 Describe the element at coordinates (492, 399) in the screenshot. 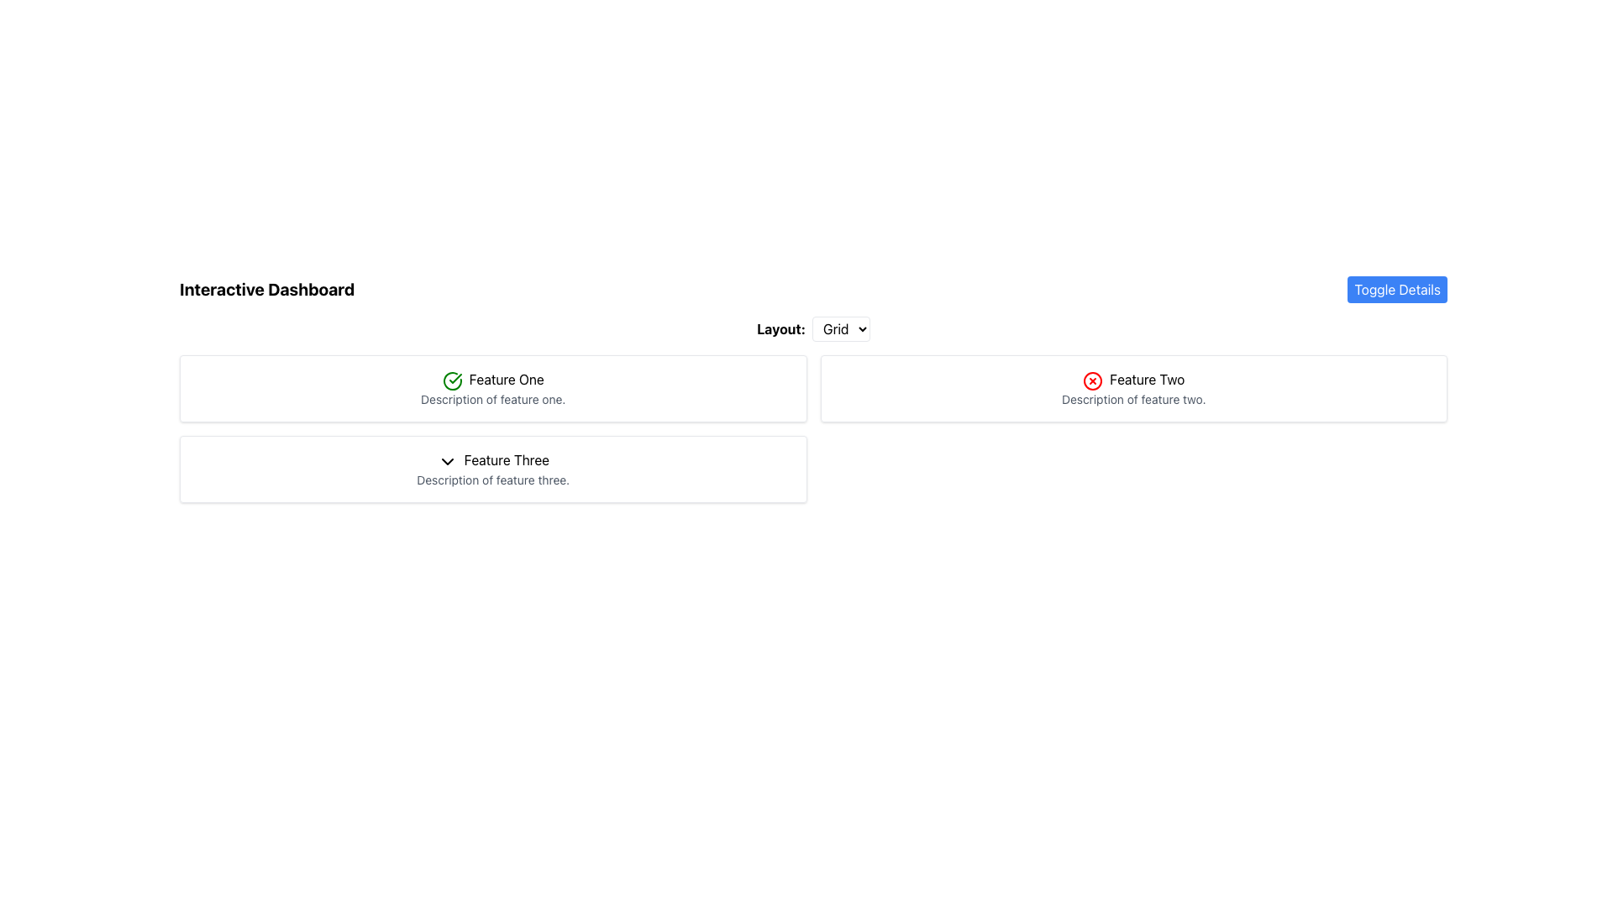

I see `the text label that reads 'Description of feature one.' located below the header 'Feature One' in the first box of the grid layout` at that location.